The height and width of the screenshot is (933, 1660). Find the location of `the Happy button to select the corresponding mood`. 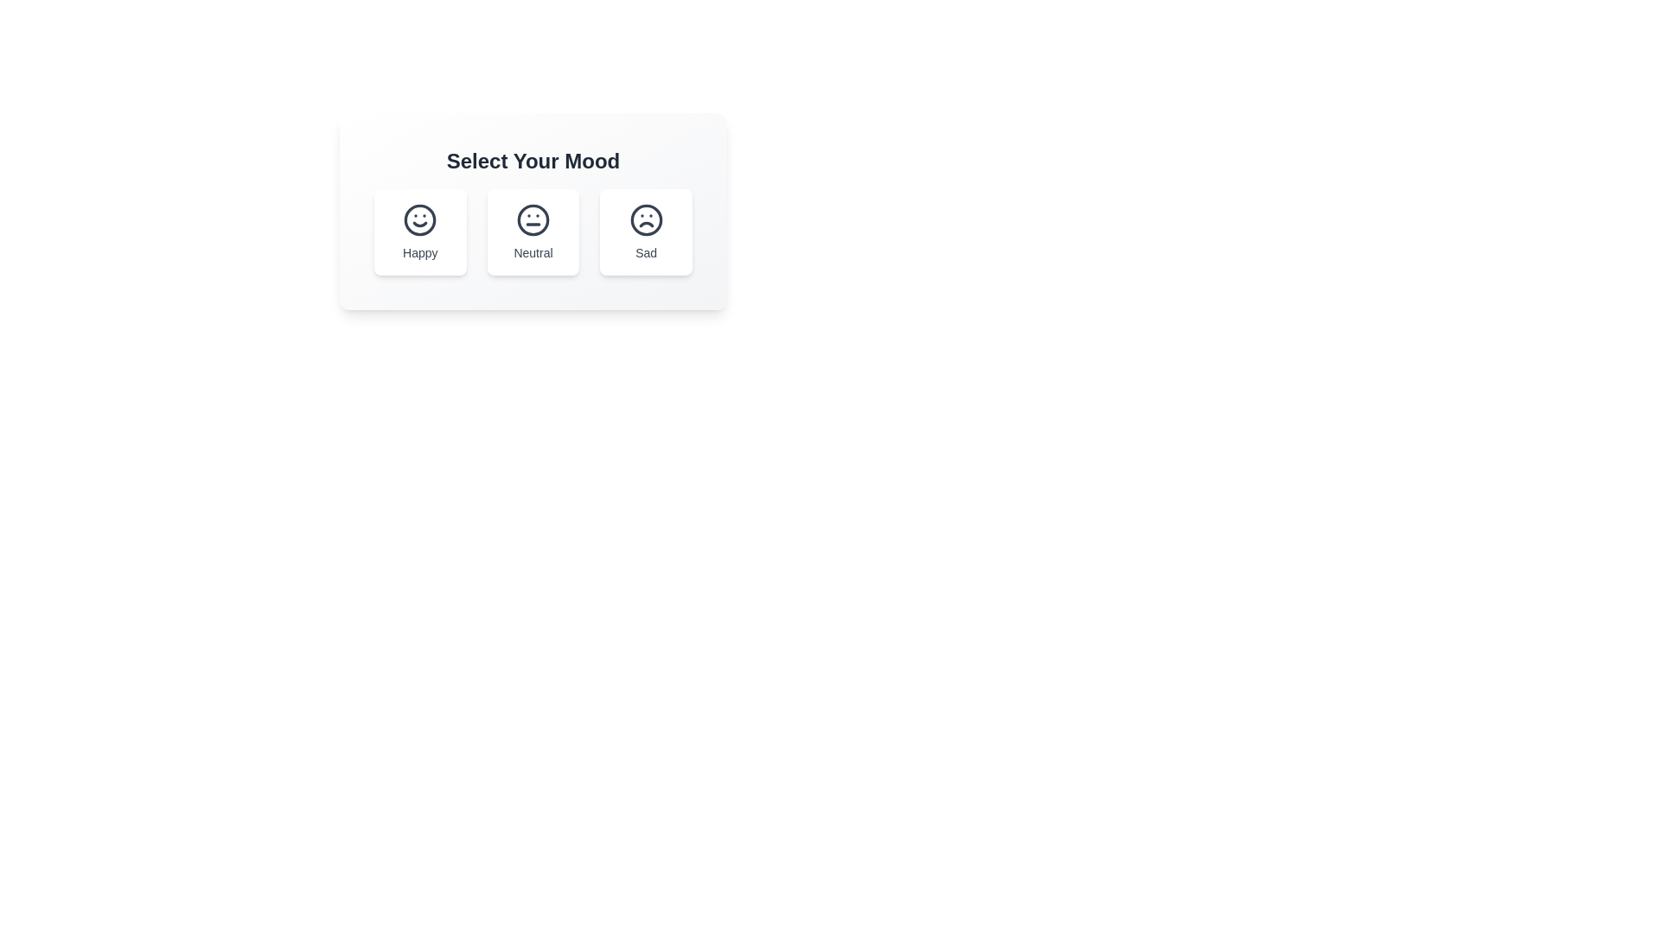

the Happy button to select the corresponding mood is located at coordinates (419, 232).